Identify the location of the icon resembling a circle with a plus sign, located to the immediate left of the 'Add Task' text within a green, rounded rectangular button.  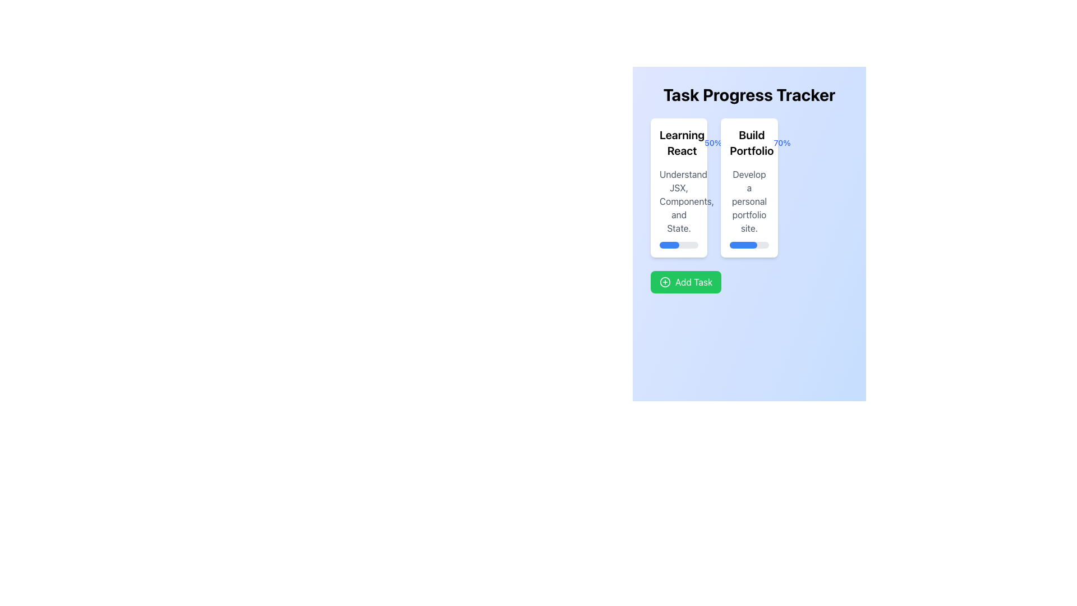
(665, 281).